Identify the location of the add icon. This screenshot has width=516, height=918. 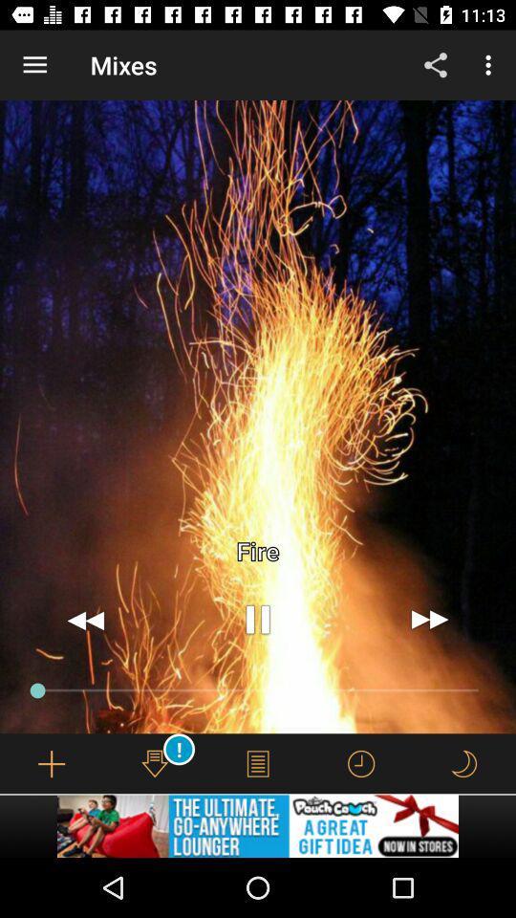
(52, 763).